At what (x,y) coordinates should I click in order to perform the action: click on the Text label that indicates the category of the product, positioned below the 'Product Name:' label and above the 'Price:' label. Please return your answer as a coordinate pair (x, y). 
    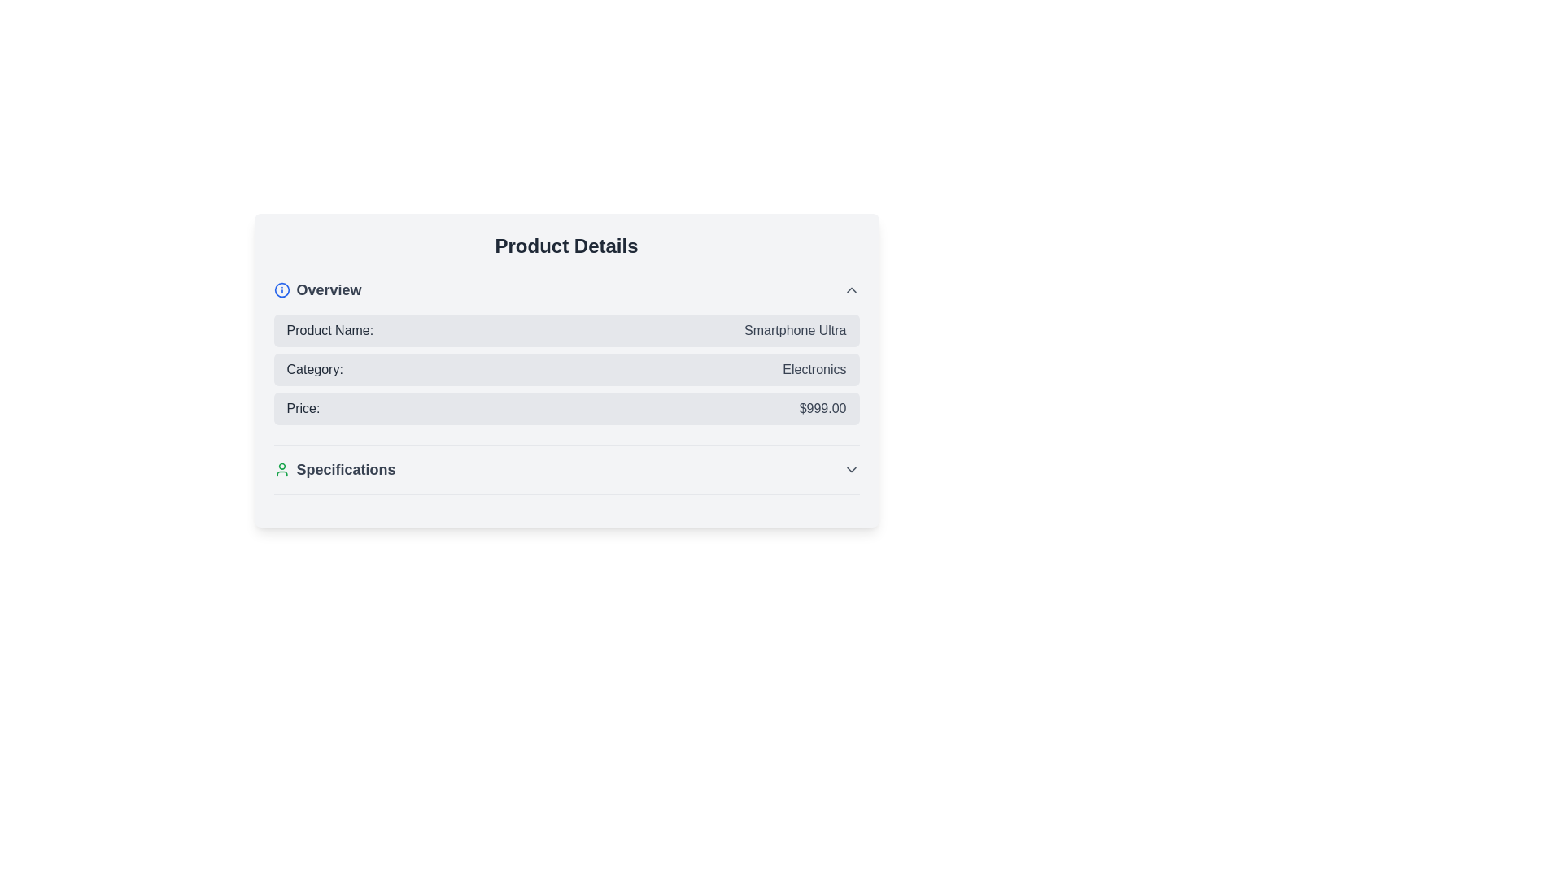
    Looking at the image, I should click on (315, 370).